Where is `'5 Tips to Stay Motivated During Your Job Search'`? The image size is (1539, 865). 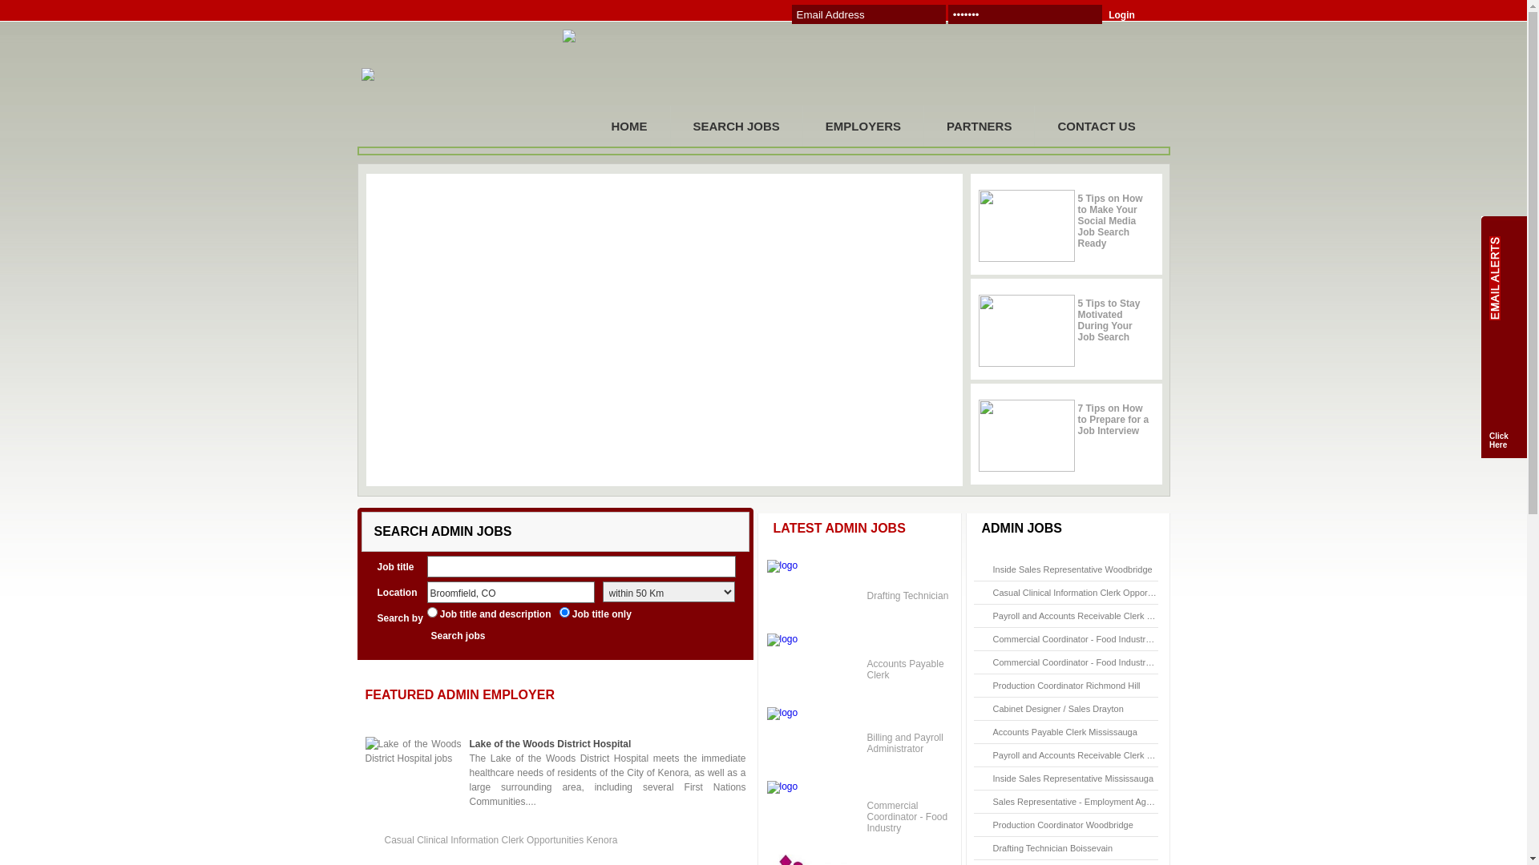
'5 Tips to Stay Motivated During Your Job Search' is located at coordinates (1107, 320).